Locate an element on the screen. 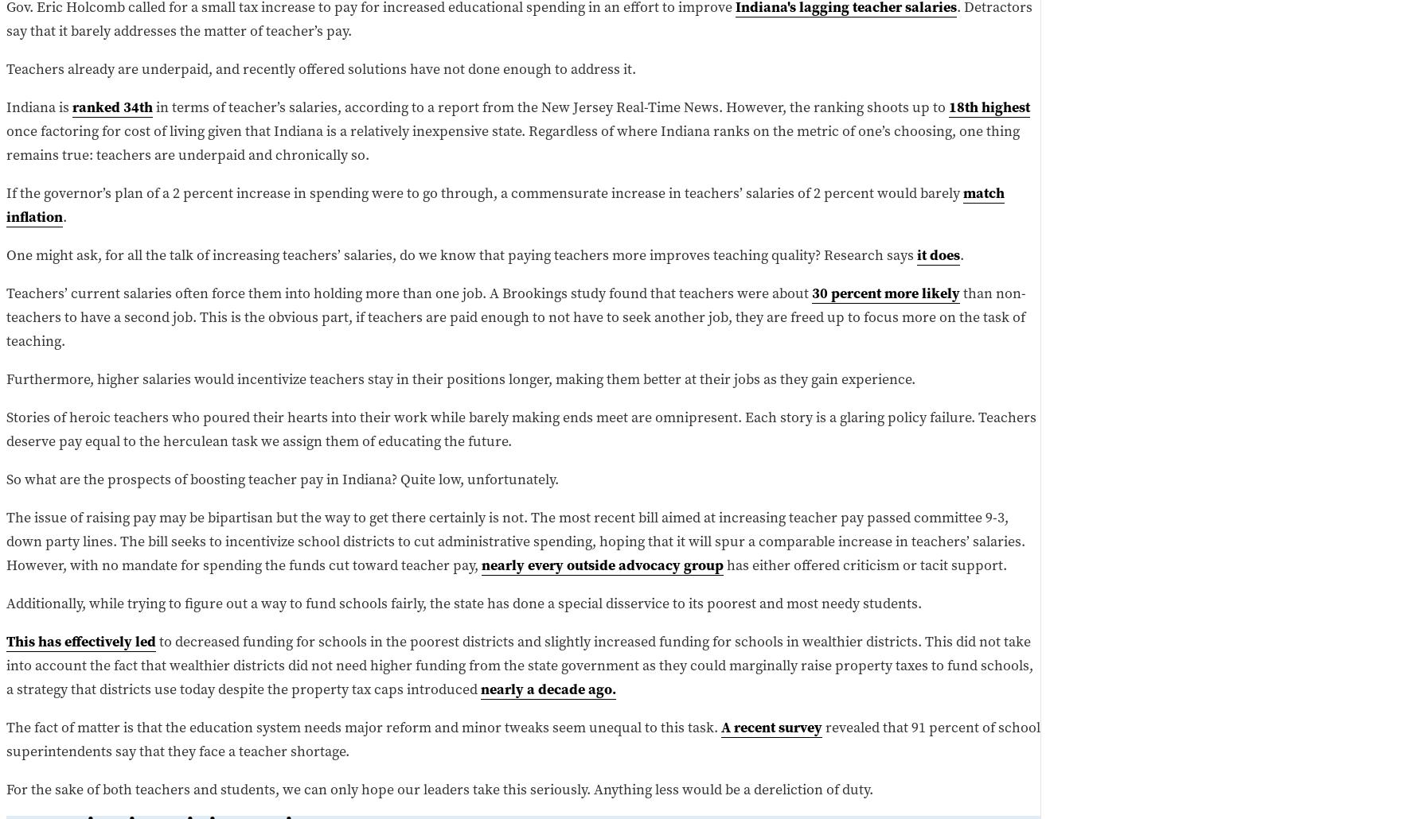  'Stories of heroic teachers who poured their hearts into their work while barely making ends meet are omnipresent. Each story is a glaring policy failure. Teachers deserve pay equal to the herculean task we assign them of educating the future.' is located at coordinates (521, 428).